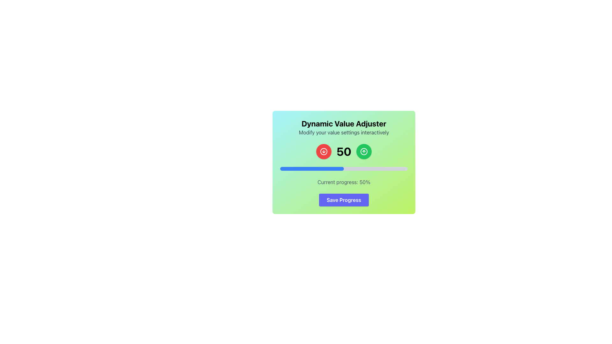 Image resolution: width=612 pixels, height=344 pixels. I want to click on the Text Label displaying the current progress at 50%, located below the progress bar and above the 'Save Progress' button, so click(344, 182).